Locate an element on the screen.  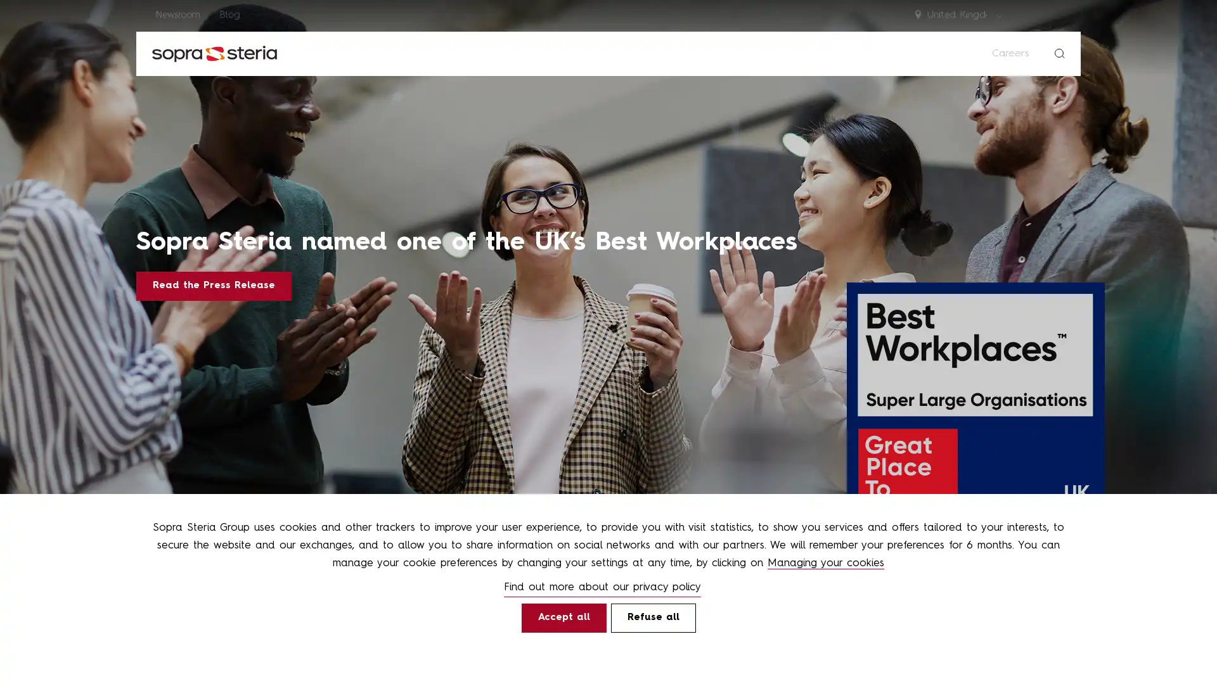
Accept all is located at coordinates (562, 617).